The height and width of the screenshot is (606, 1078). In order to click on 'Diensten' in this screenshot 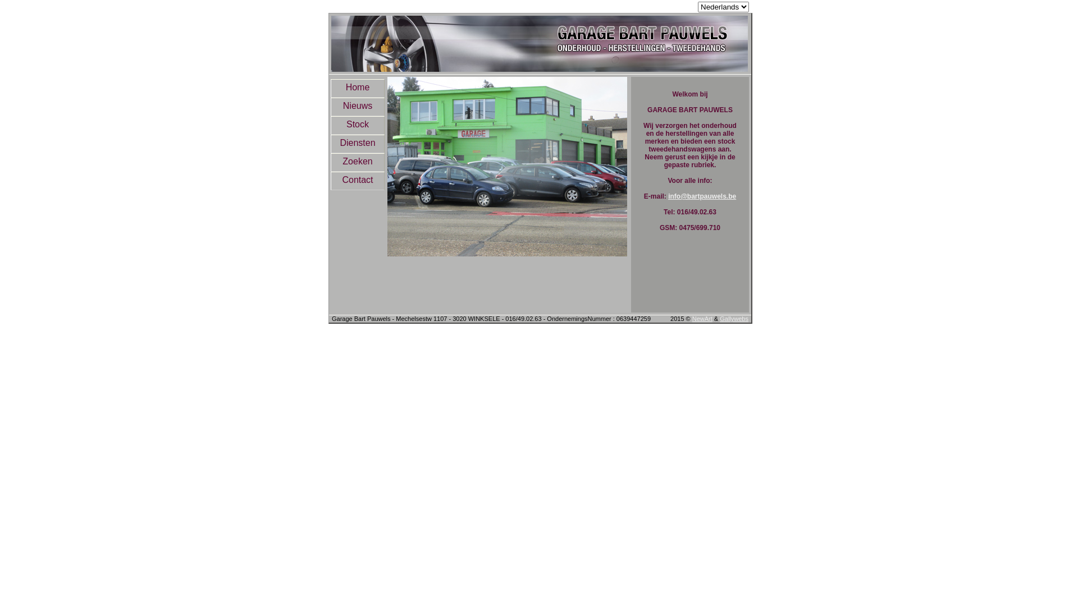, I will do `click(357, 143)`.